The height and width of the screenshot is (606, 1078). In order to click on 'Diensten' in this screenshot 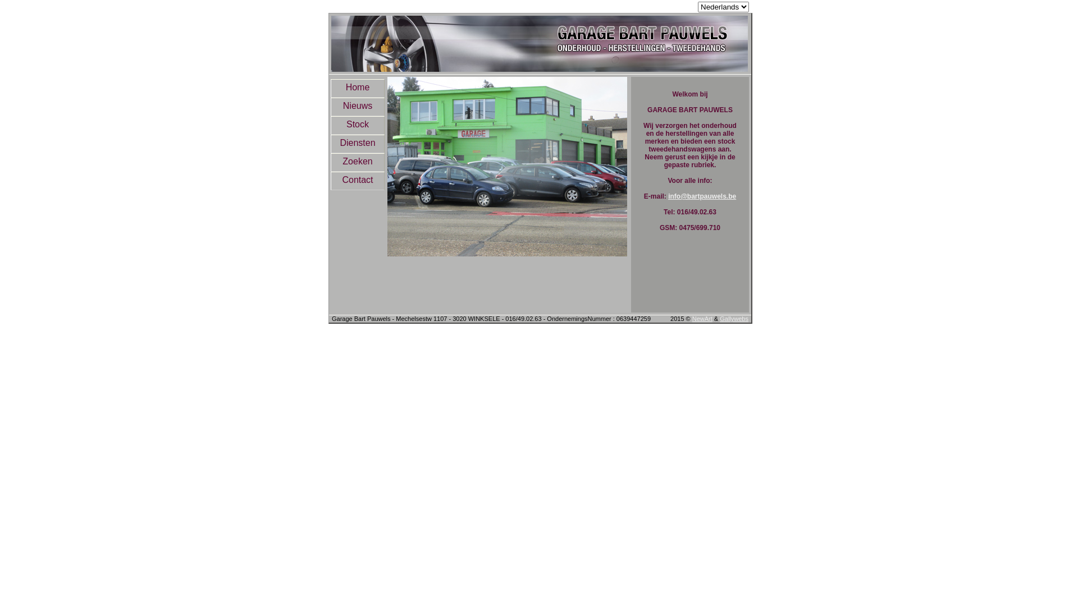, I will do `click(357, 143)`.